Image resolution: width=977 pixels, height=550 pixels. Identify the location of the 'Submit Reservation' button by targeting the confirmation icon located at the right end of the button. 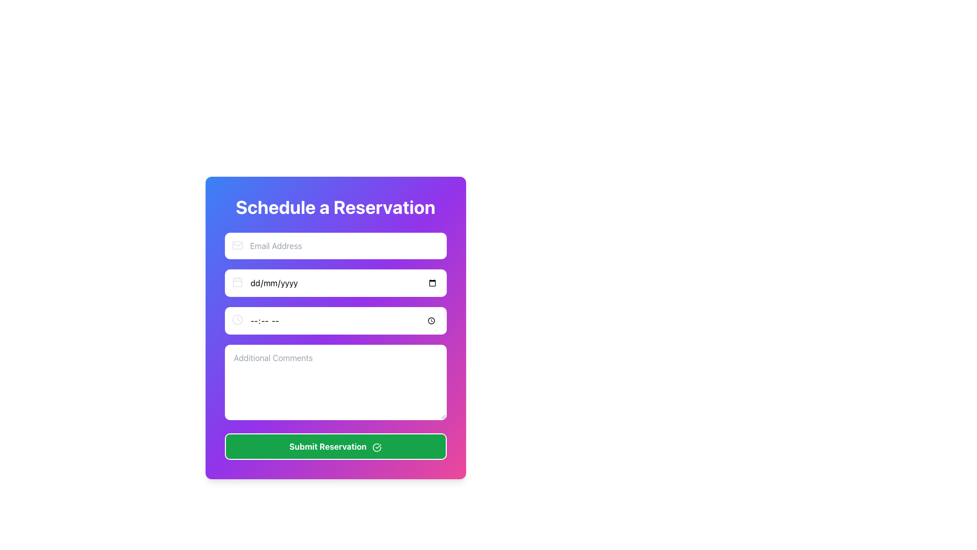
(377, 447).